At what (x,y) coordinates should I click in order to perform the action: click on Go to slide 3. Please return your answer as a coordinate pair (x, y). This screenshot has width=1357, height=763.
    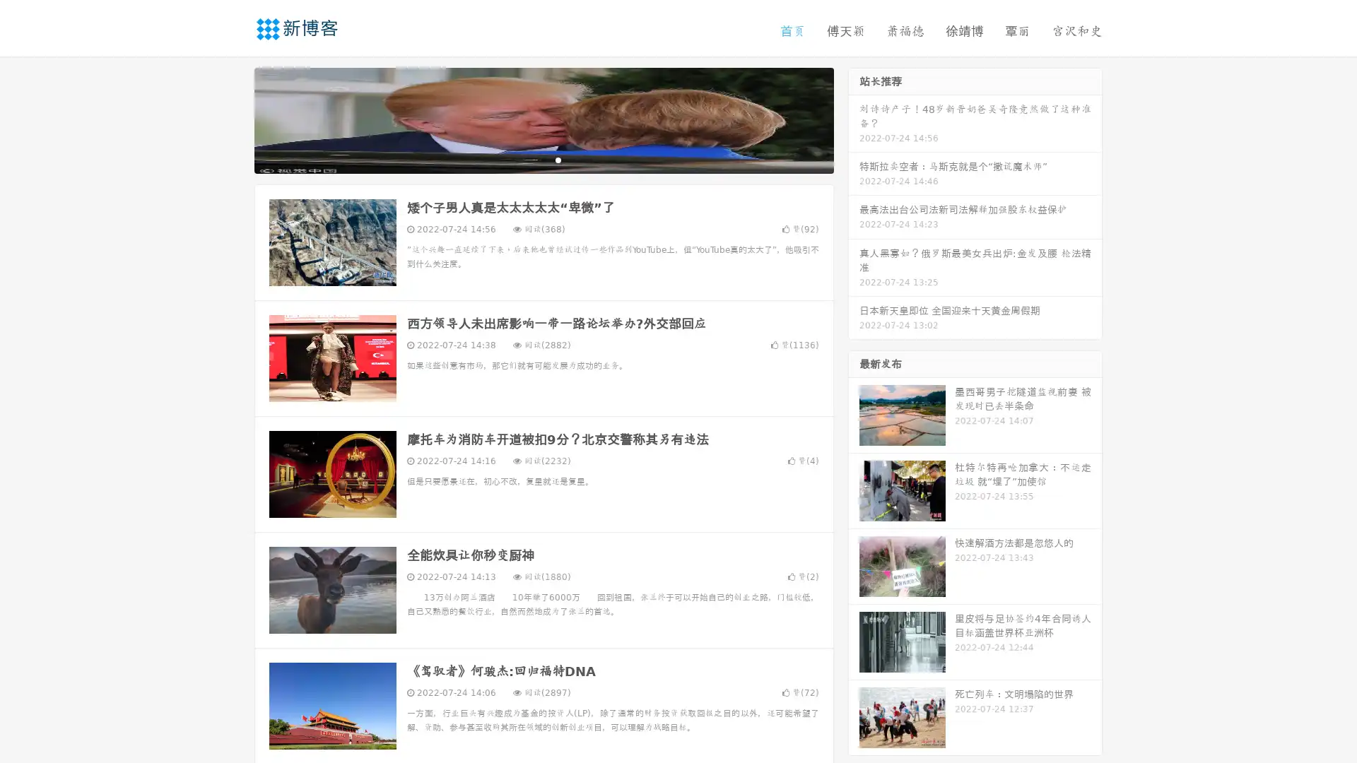
    Looking at the image, I should click on (558, 159).